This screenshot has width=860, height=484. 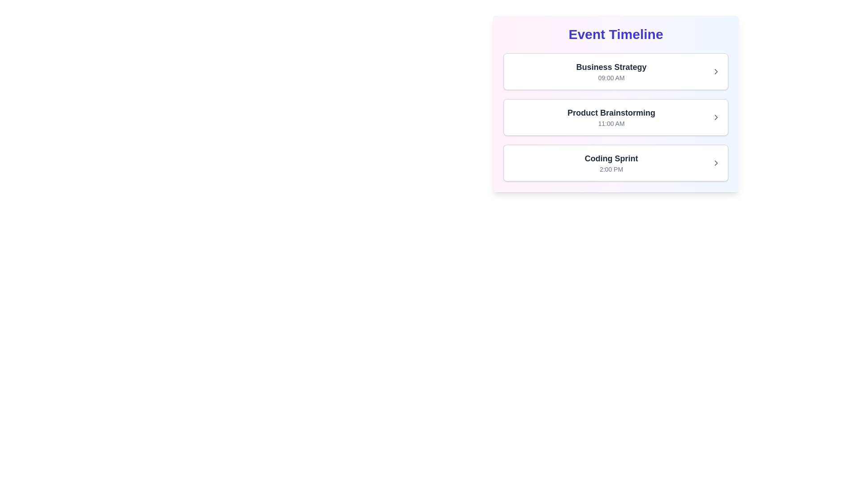 I want to click on text element displaying 'Product Brainstorming', which is located within the second section of the 'Event Timeline' panel, positioned above '11:00 AM' and below the title 'Event Timeline', so click(x=611, y=112).